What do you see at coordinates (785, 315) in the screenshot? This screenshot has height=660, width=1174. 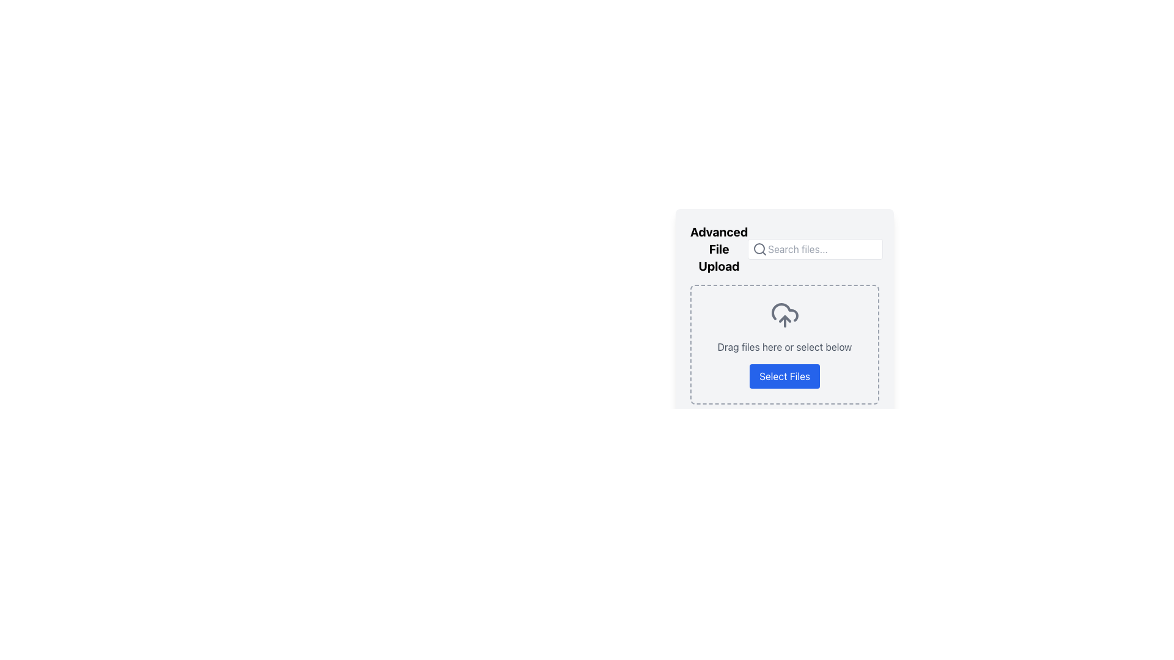 I see `the cloud icon with an upward arrow, which is styled in gray and located inside the dashed border box labeled 'Drag files here or select below'` at bounding box center [785, 315].